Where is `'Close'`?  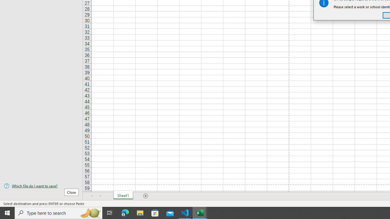 'Close' is located at coordinates (71, 192).